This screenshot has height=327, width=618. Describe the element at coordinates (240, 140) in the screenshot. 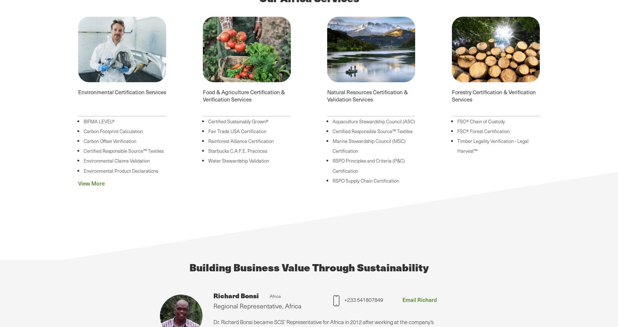

I see `'Rainforest Alliance Certification'` at that location.